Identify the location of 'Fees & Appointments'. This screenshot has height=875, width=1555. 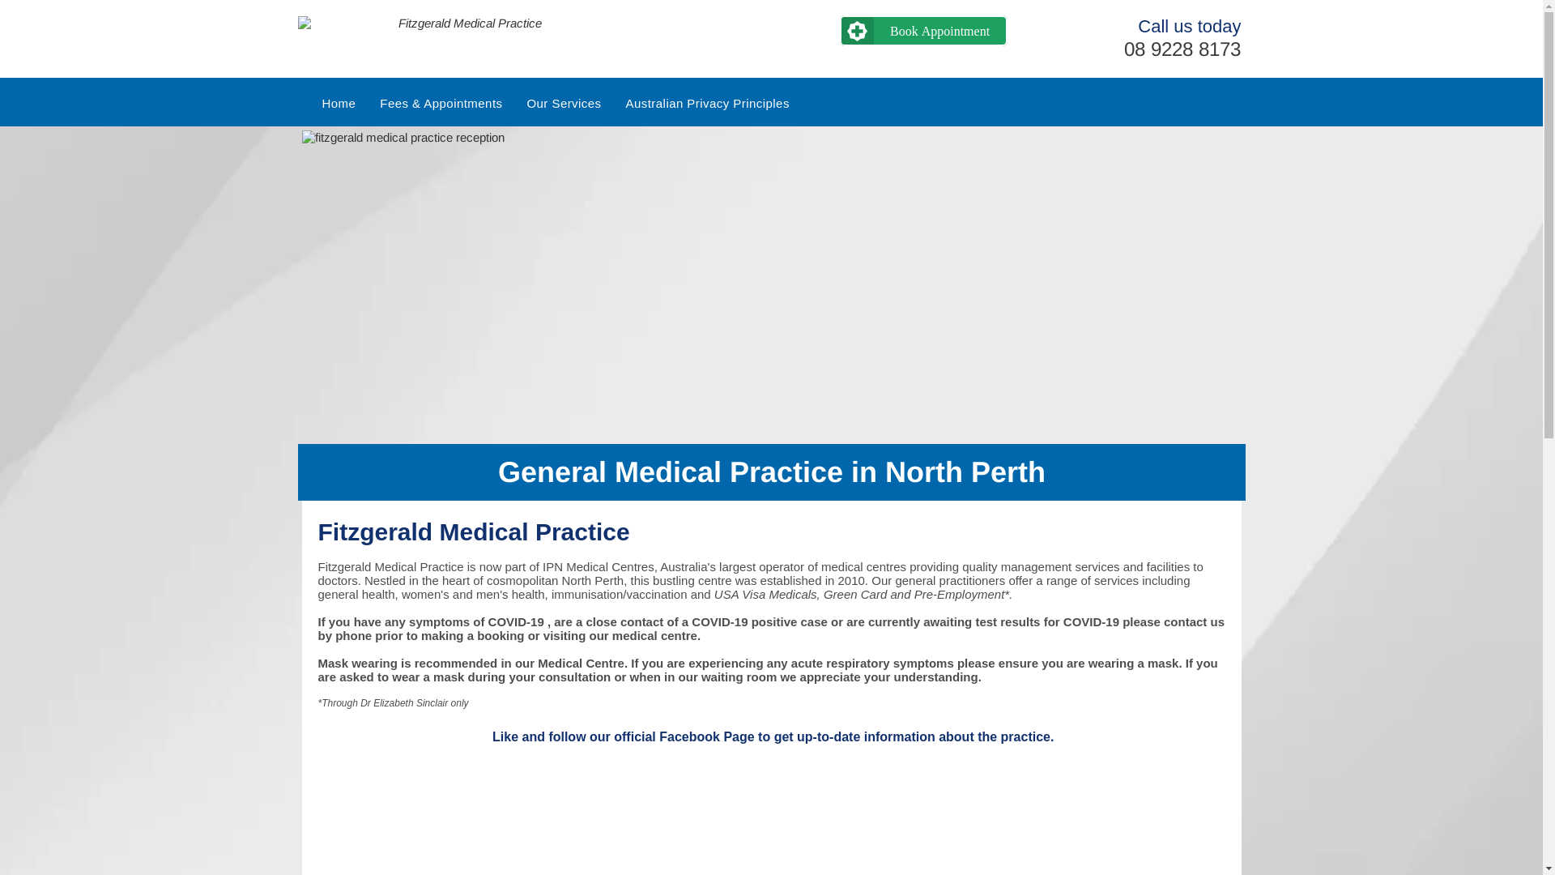
(441, 103).